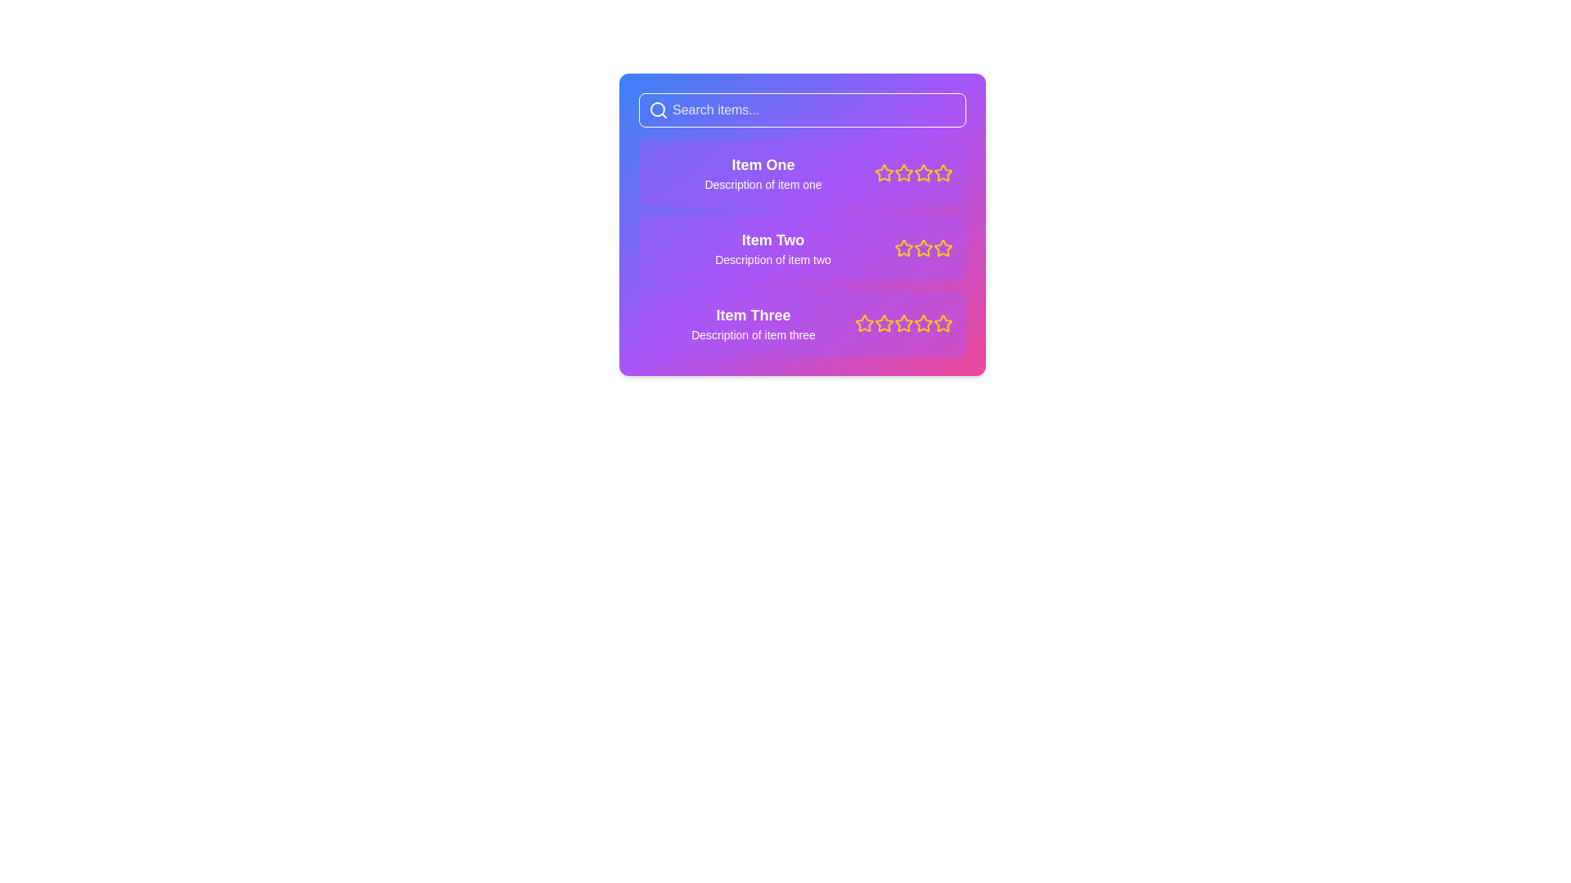  Describe the element at coordinates (883, 173) in the screenshot. I see `the first star` at that location.